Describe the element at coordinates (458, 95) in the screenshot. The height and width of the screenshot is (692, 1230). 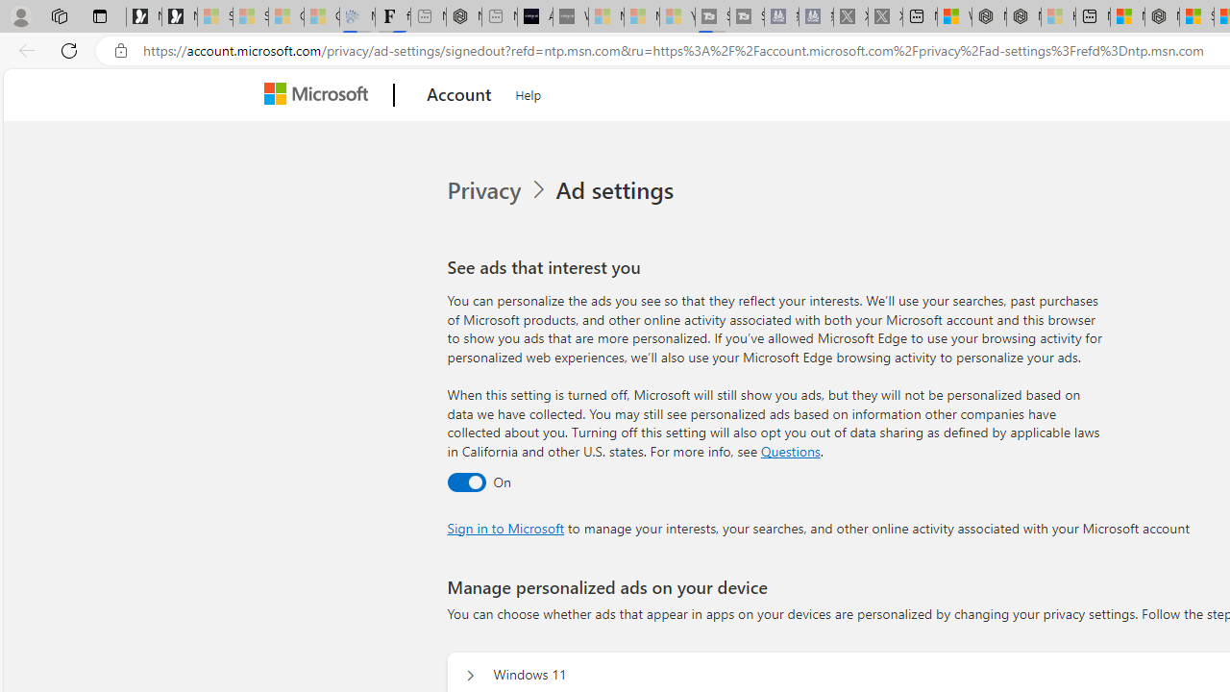
I see `'Account'` at that location.